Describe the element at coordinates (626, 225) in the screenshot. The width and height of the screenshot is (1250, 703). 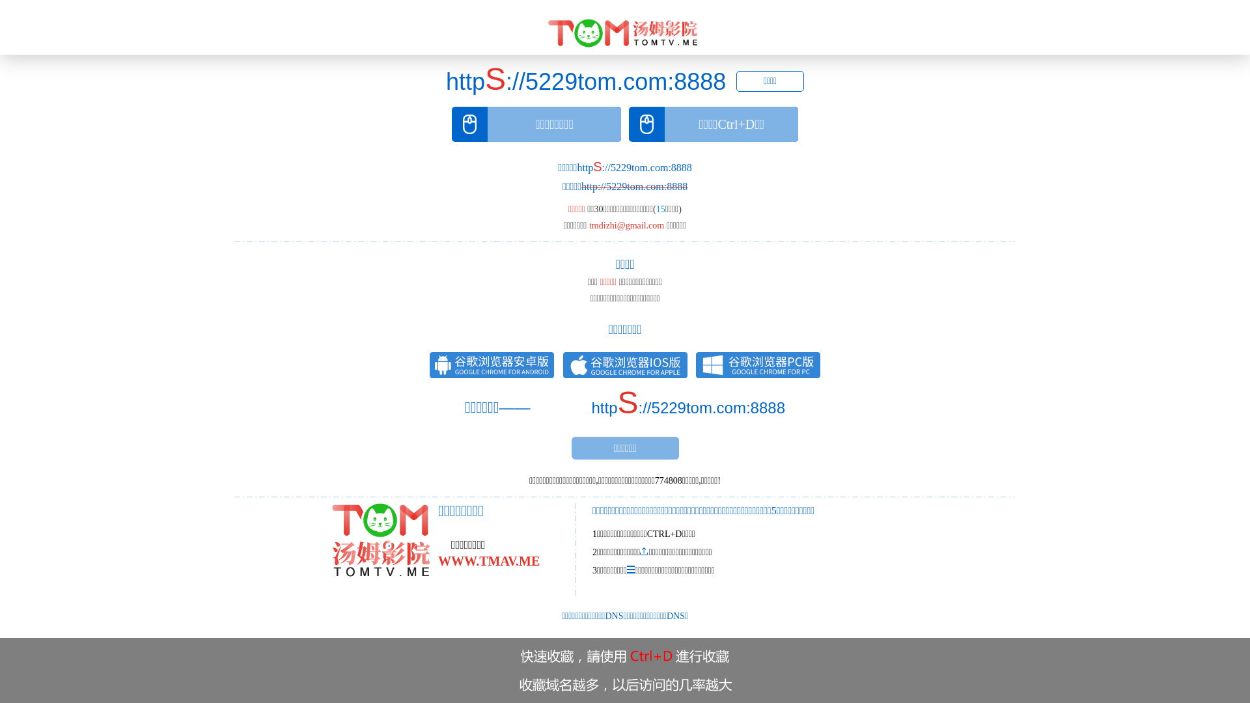
I see `'tmdizhi@gmail.com'` at that location.